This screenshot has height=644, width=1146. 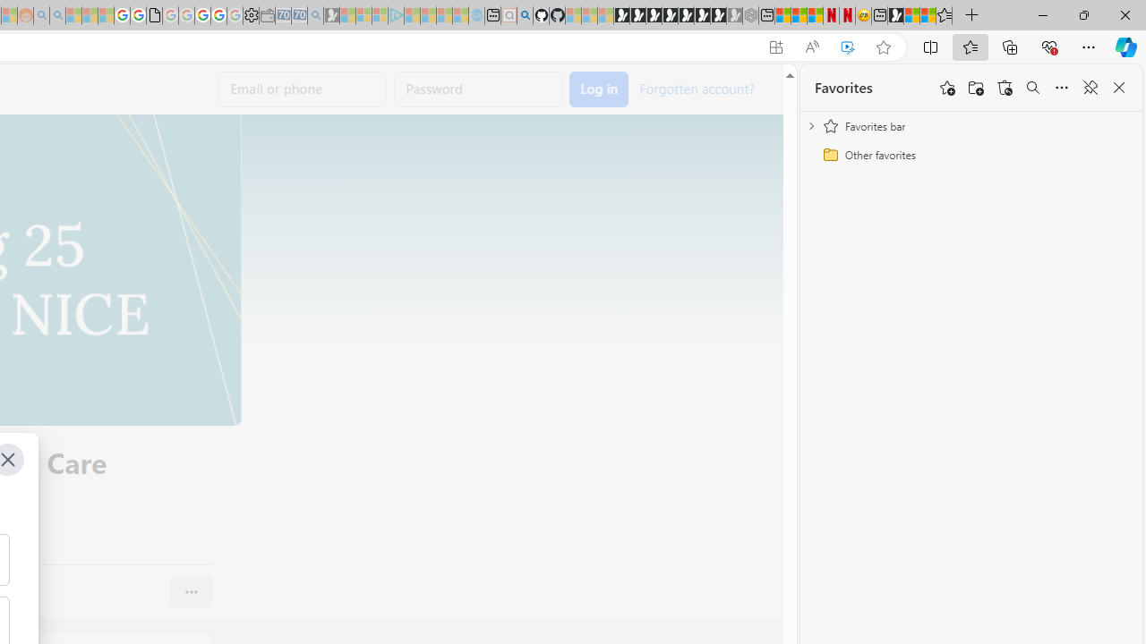 What do you see at coordinates (1032, 88) in the screenshot?
I see `'Search favorites'` at bounding box center [1032, 88].